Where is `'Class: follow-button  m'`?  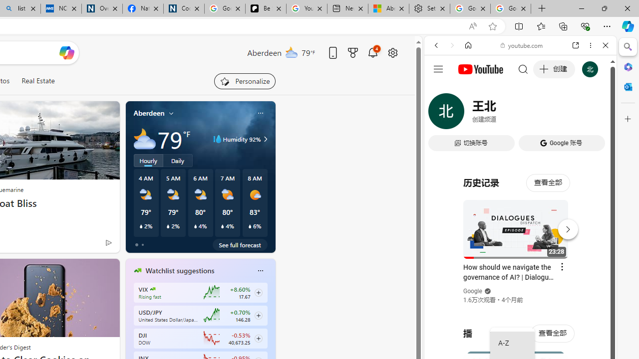 'Class: follow-button  m' is located at coordinates (258, 338).